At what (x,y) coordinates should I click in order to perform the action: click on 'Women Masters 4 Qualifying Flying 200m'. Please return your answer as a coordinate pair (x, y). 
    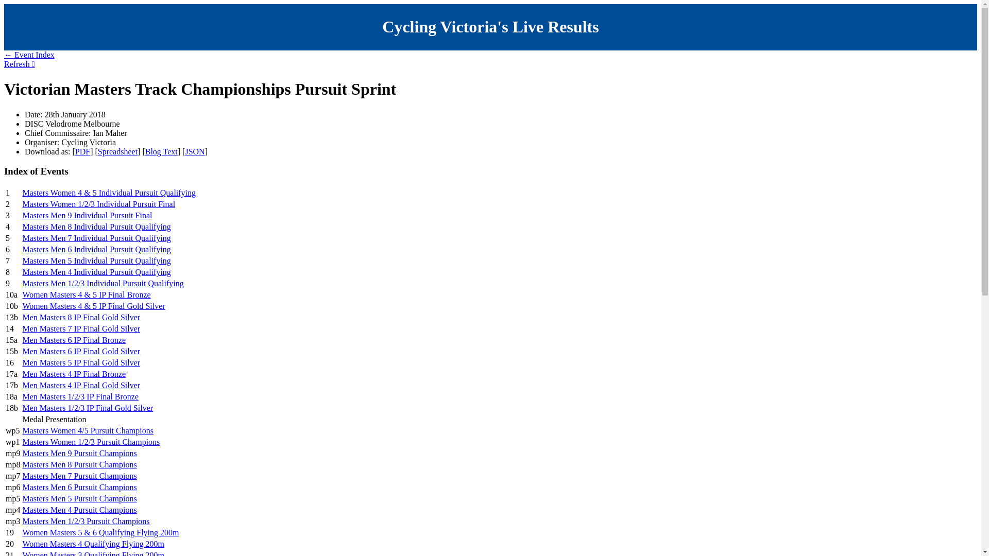
    Looking at the image, I should click on (93, 543).